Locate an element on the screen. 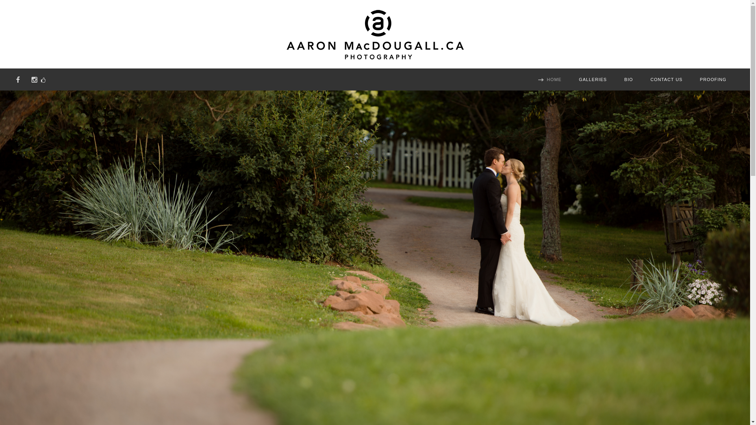 This screenshot has height=425, width=756. 'GALLERIES' is located at coordinates (593, 80).